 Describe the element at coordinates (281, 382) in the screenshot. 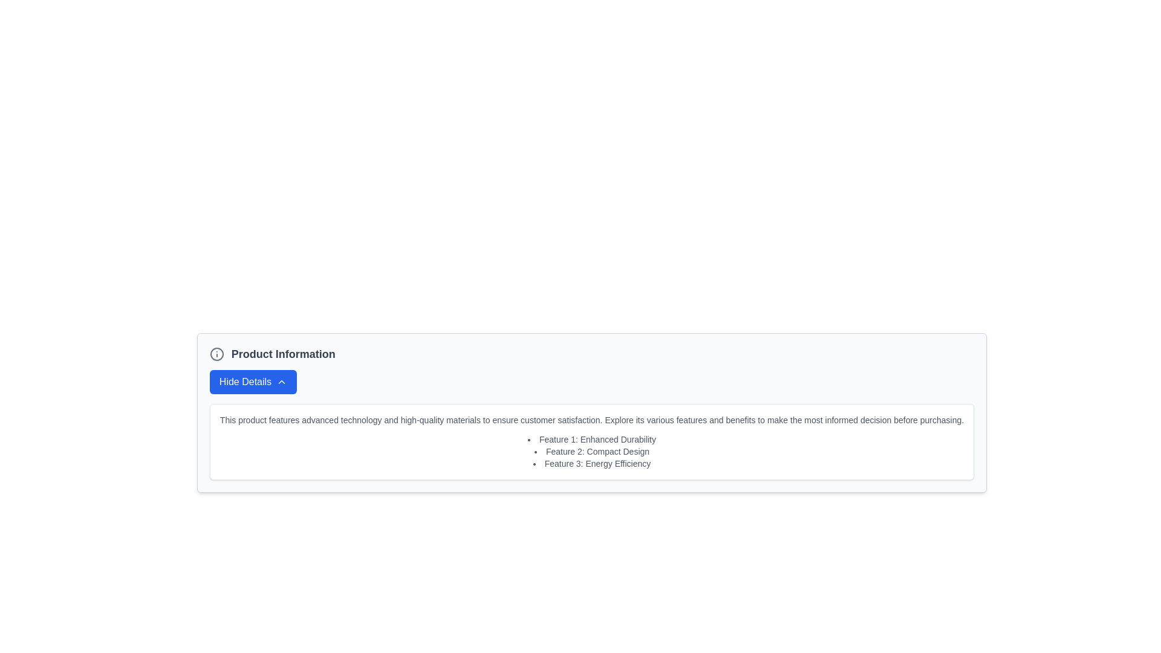

I see `the small upward-pointing chevron icon located inside the blue button labeled 'Hide Details', which is positioned adjacent to the button text` at that location.